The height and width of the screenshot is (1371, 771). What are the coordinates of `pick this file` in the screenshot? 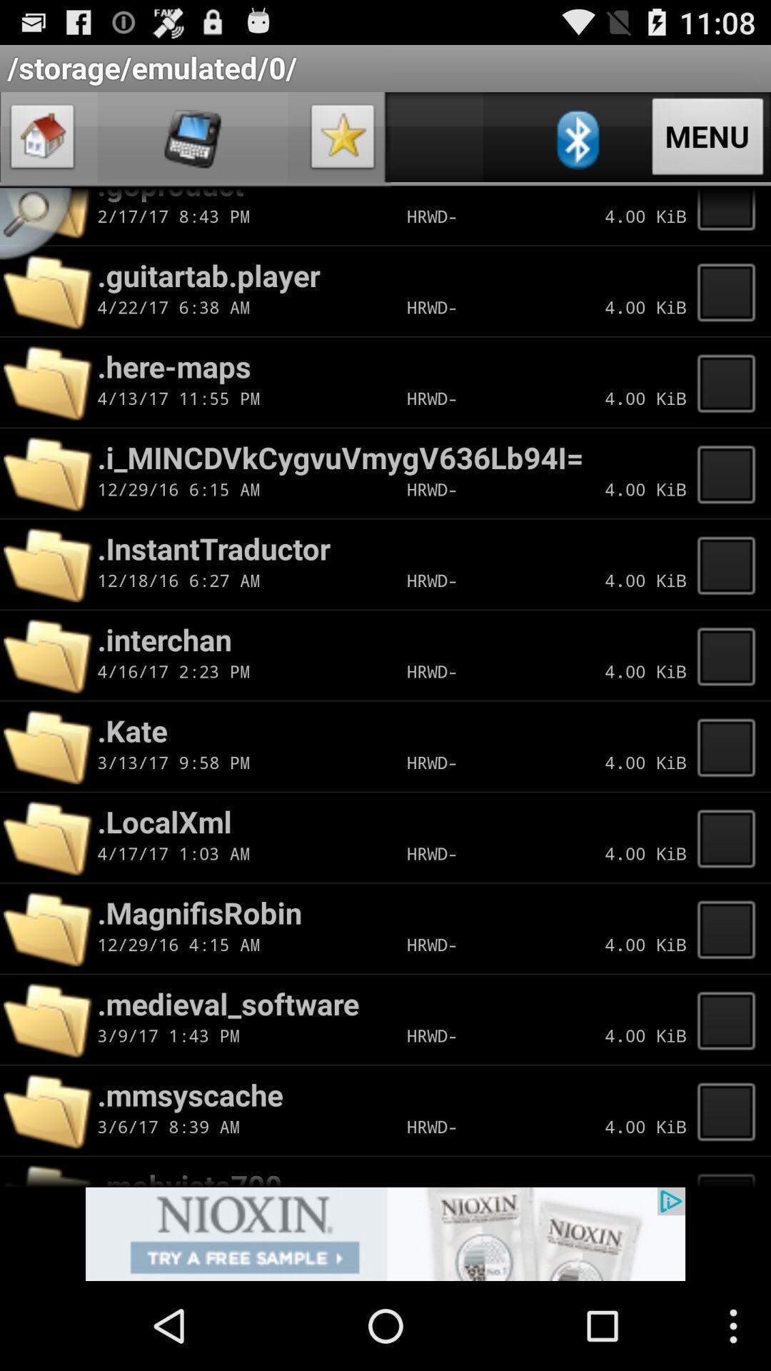 It's located at (730, 1019).